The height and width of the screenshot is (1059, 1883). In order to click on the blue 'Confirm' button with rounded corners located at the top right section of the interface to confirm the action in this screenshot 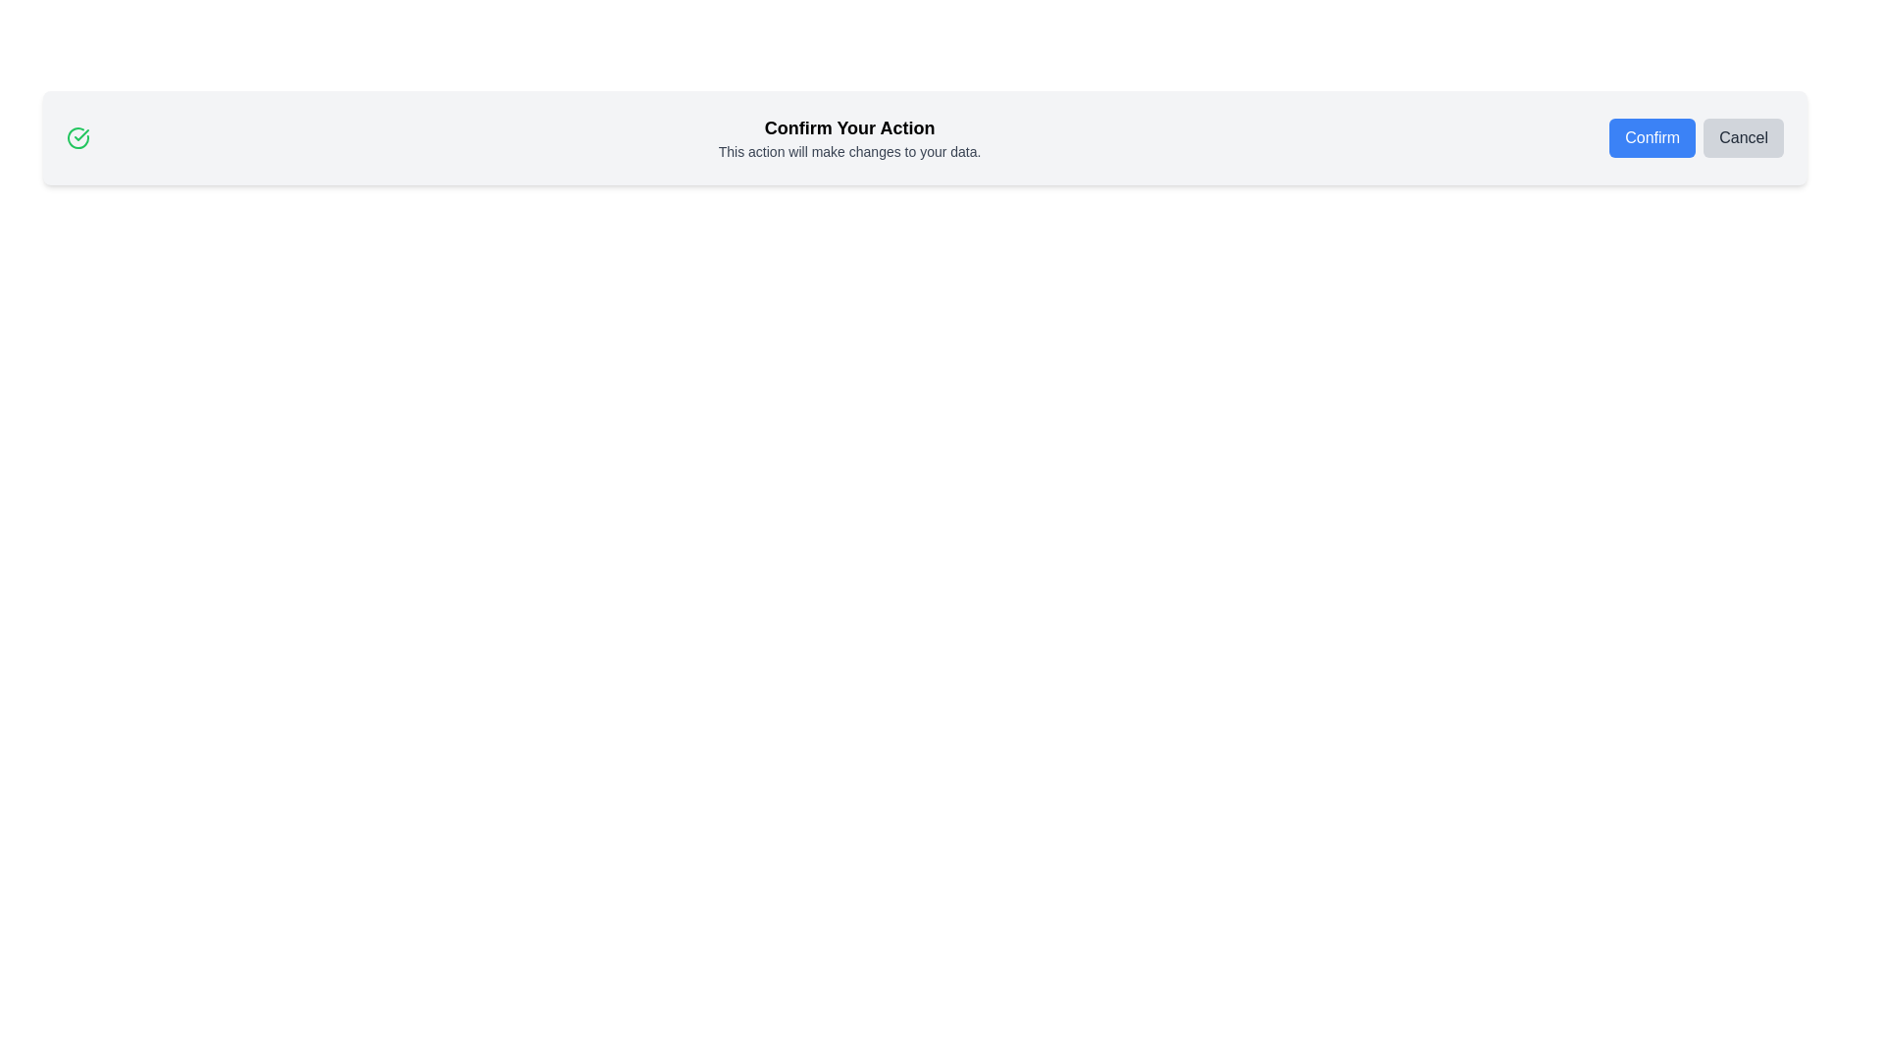, I will do `click(1652, 137)`.